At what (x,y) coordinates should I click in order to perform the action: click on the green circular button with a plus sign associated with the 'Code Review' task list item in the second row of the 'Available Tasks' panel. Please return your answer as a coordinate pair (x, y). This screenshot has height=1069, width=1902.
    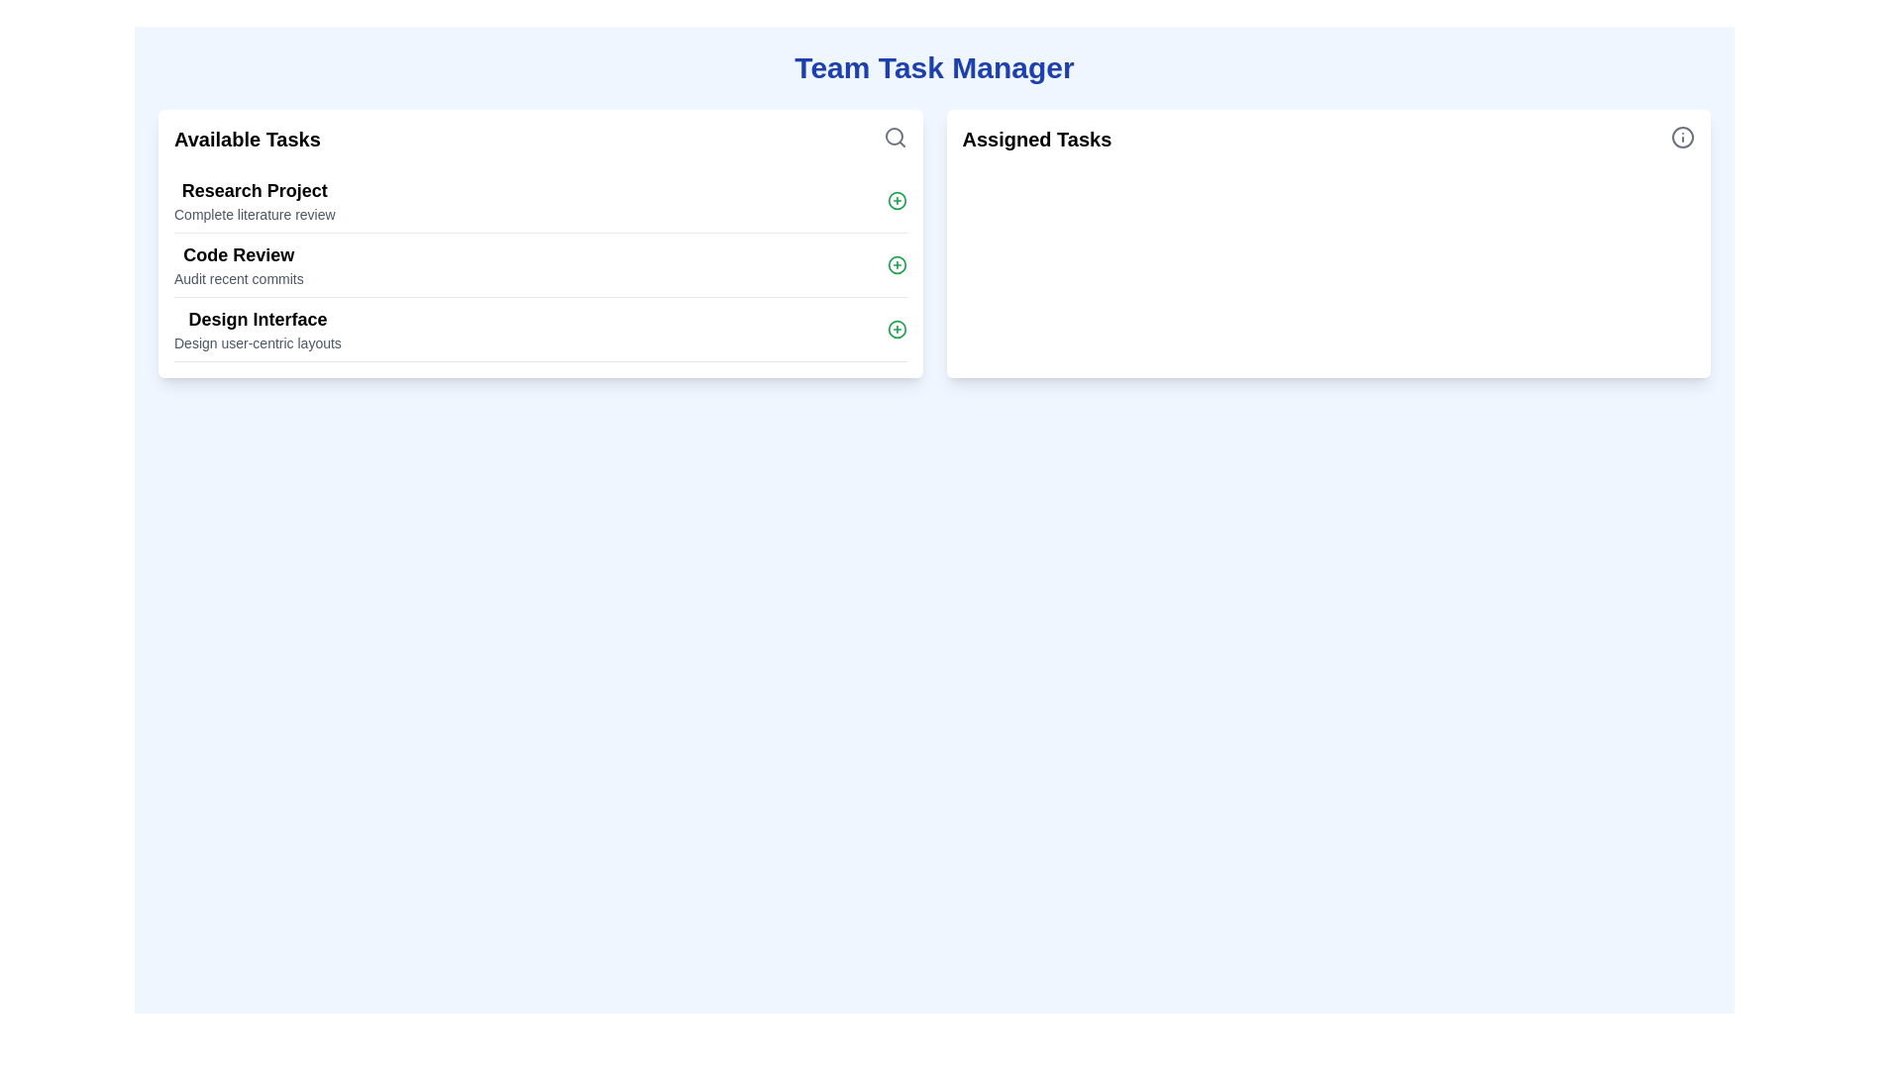
    Looking at the image, I should click on (540, 264).